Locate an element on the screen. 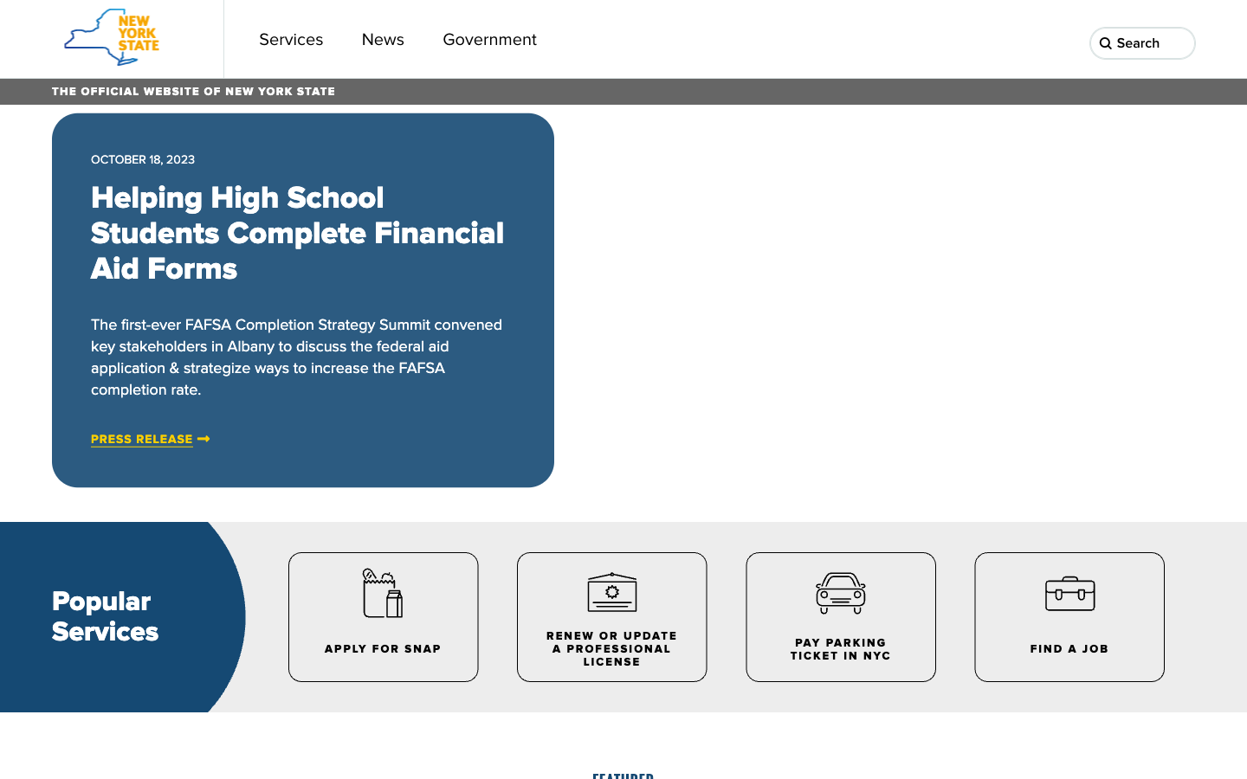 Image resolution: width=1247 pixels, height=779 pixels. the press release on the web page is located at coordinates (204508, 396121).